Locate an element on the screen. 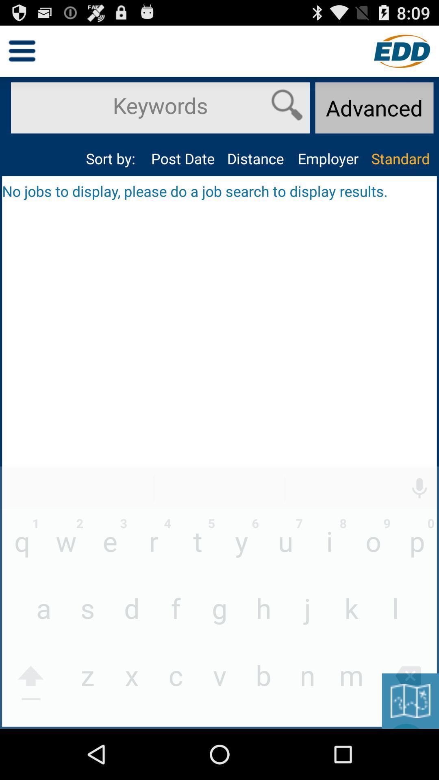 This screenshot has width=439, height=780. the search icon is located at coordinates (287, 112).